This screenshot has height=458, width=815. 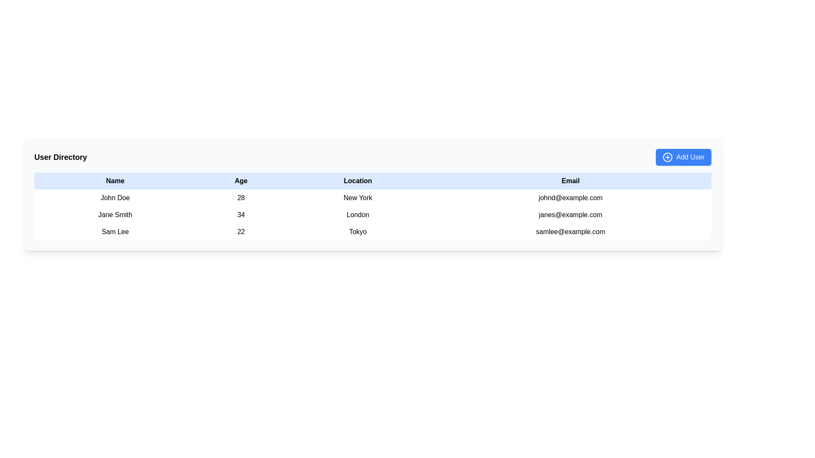 I want to click on the 'Age' text element for the individual named 'Sam Lee', which is located in the second column of the third row in the table, so click(x=240, y=232).